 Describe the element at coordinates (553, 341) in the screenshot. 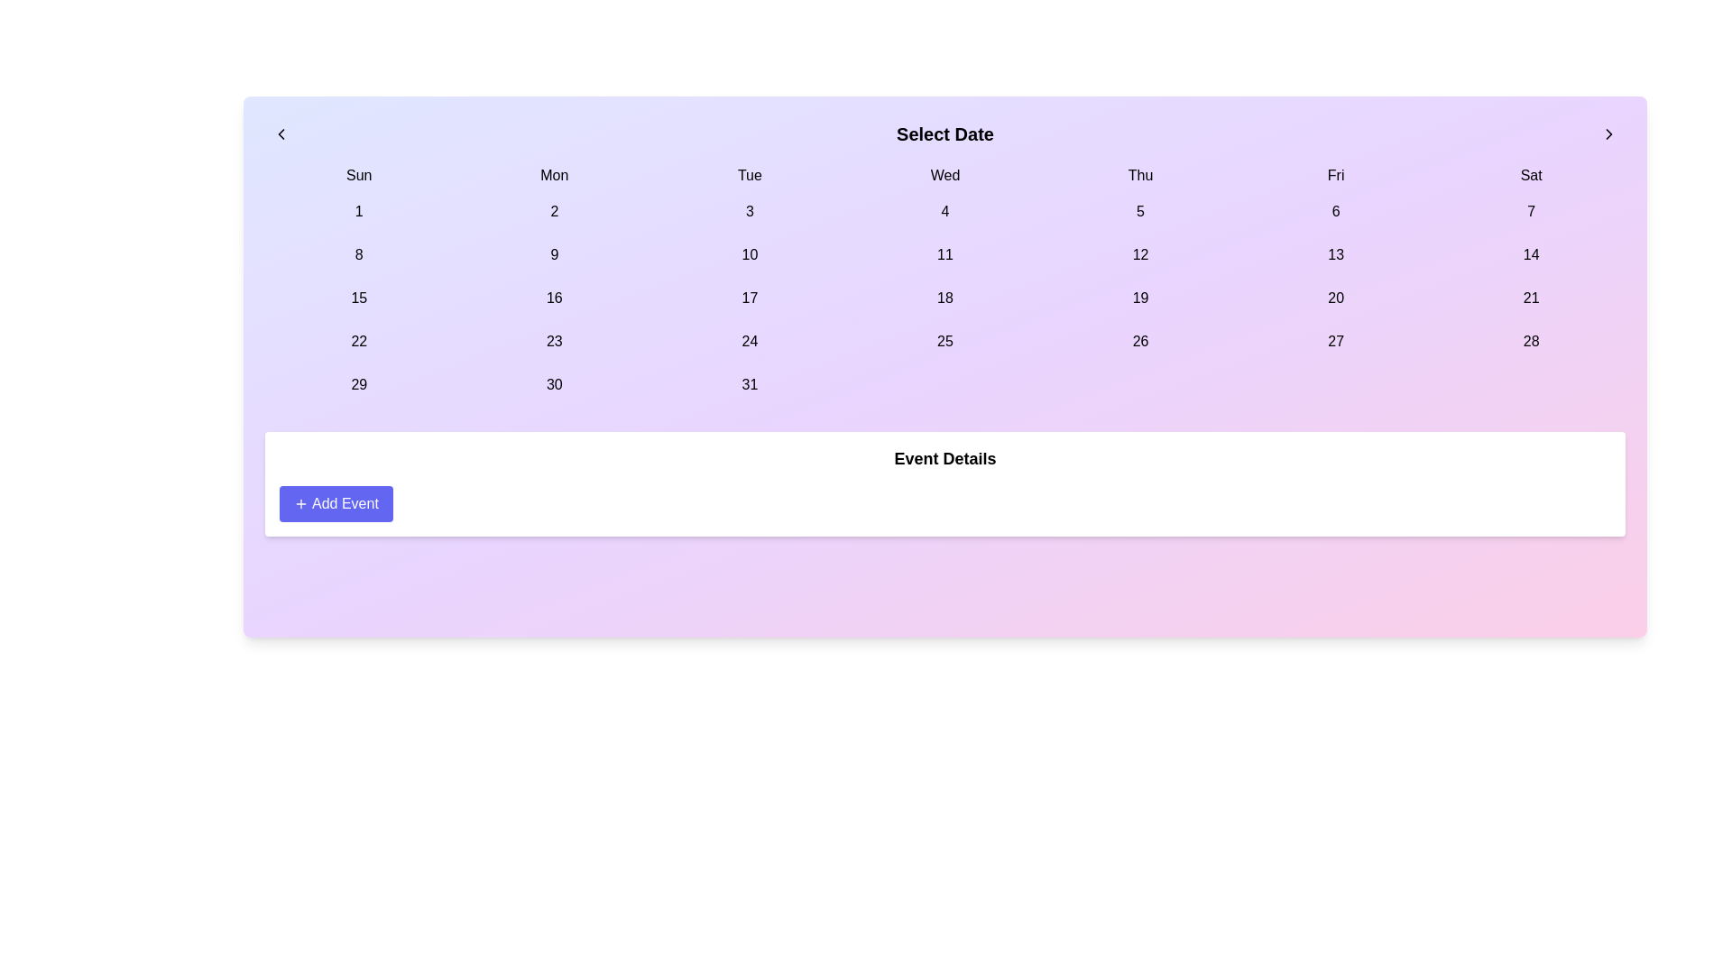

I see `the button representing the selectable day '23' in the calendar interface` at that location.